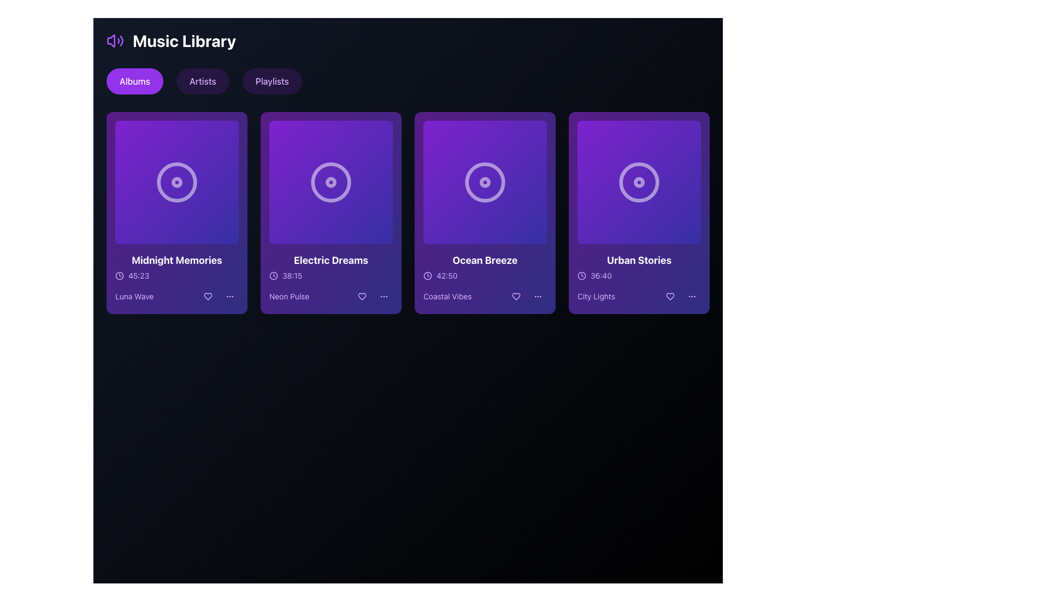 The height and width of the screenshot is (590, 1049). I want to click on the Ellipsis icon, represented by three small circular dots styled in purple, located at the bottom-right corner of the 'Electric Dreams' card, so click(384, 297).